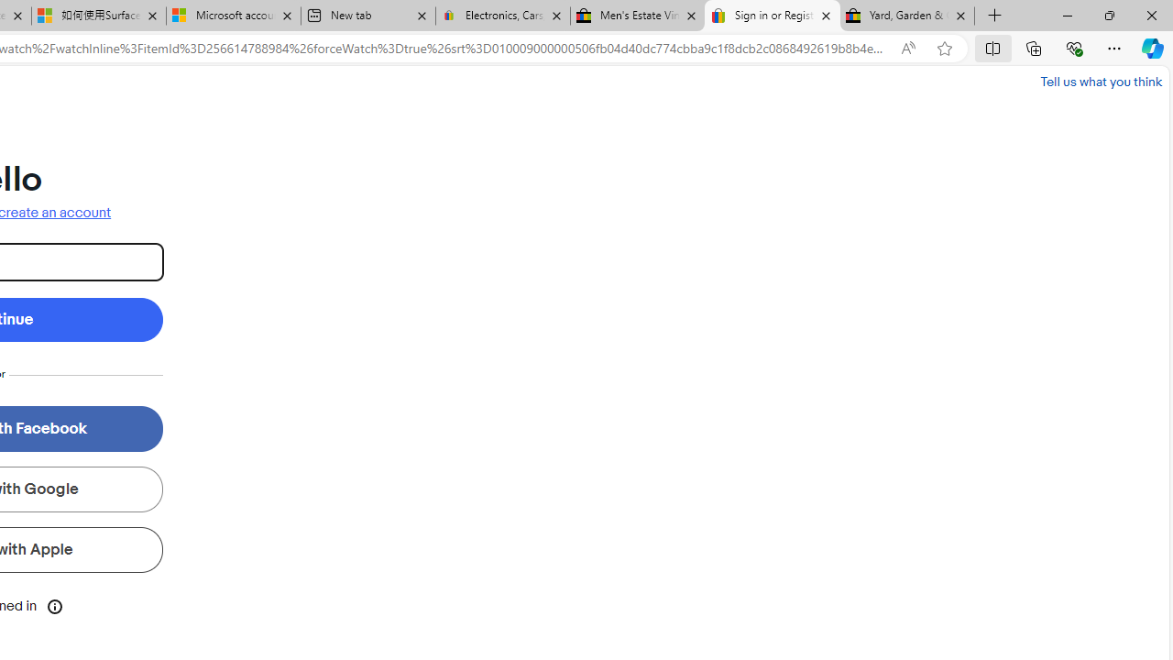 The width and height of the screenshot is (1173, 660). I want to click on 'Tell us what you think - Link opens in a new window', so click(1100, 81).